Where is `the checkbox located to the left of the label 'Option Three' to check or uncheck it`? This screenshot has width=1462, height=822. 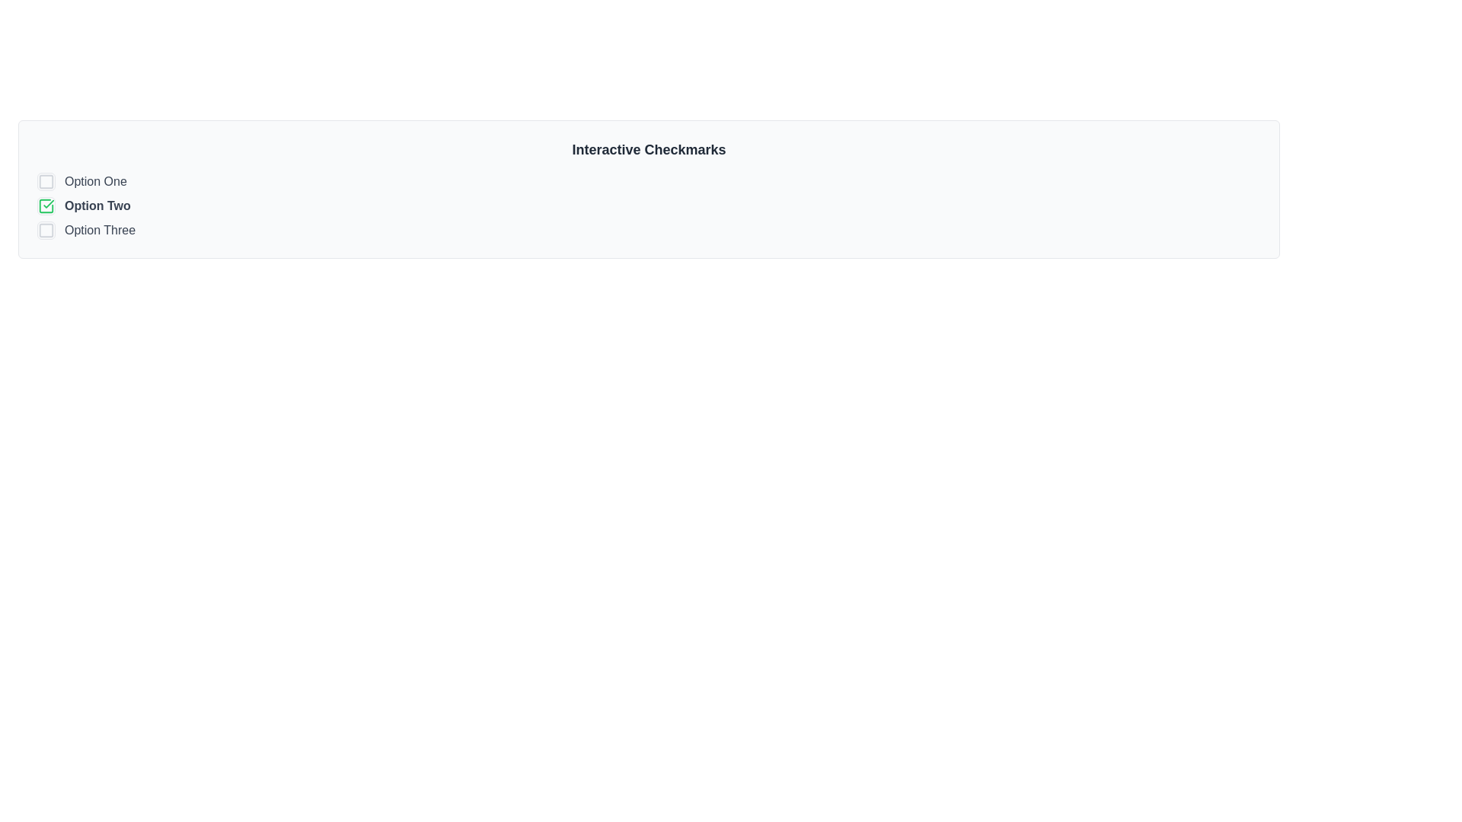 the checkbox located to the left of the label 'Option Three' to check or uncheck it is located at coordinates (46, 231).